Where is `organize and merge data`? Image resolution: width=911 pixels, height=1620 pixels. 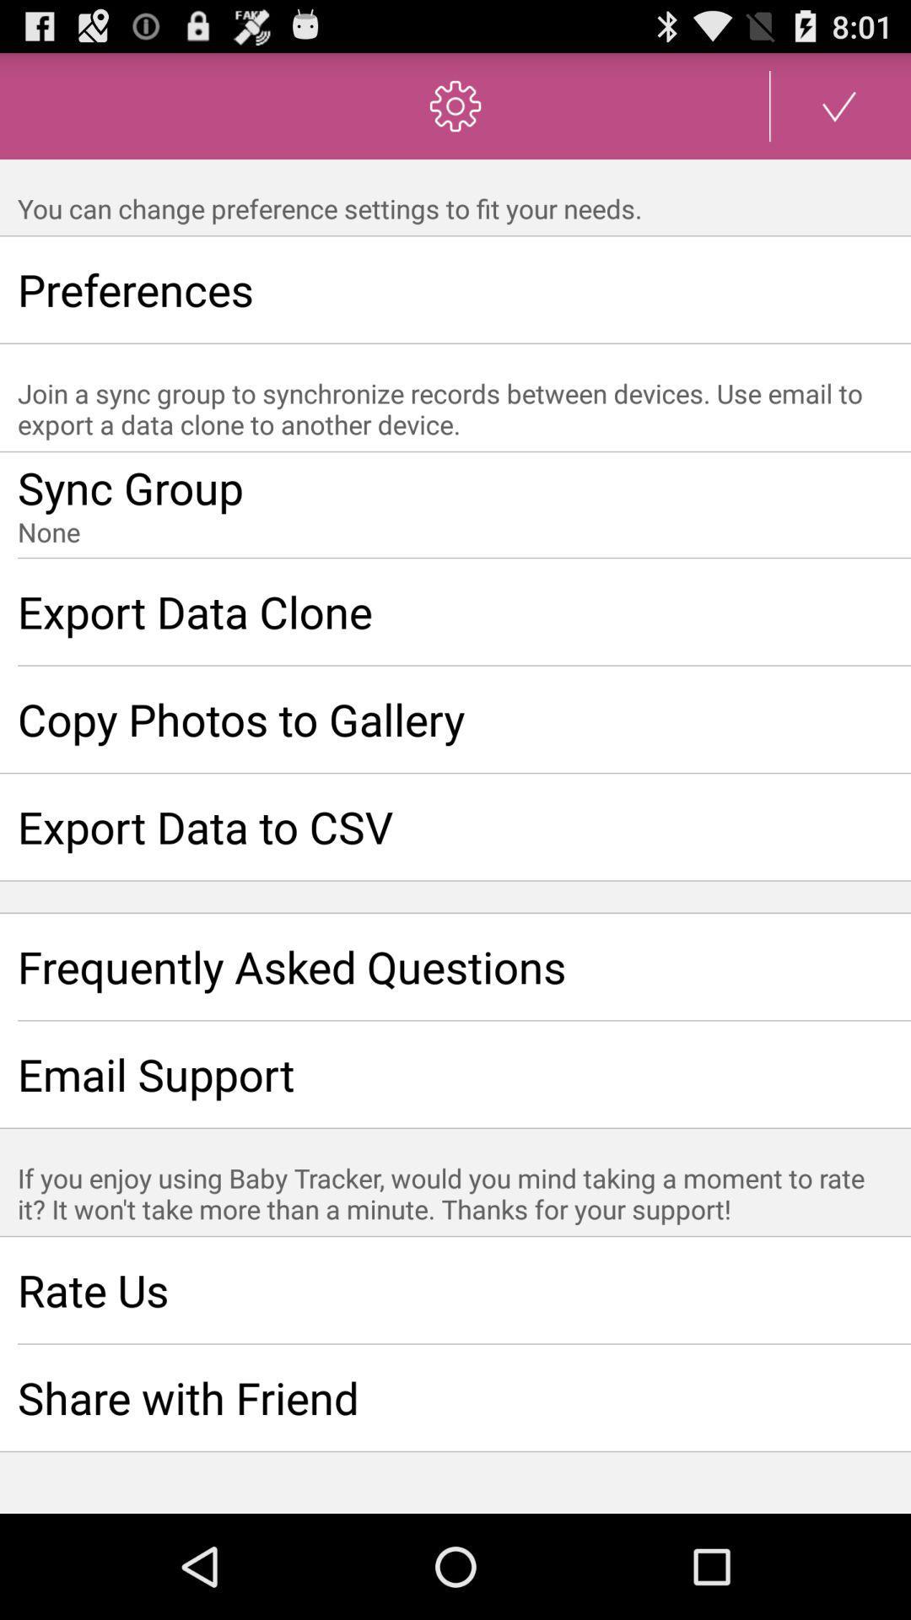
organize and merge data is located at coordinates (455, 505).